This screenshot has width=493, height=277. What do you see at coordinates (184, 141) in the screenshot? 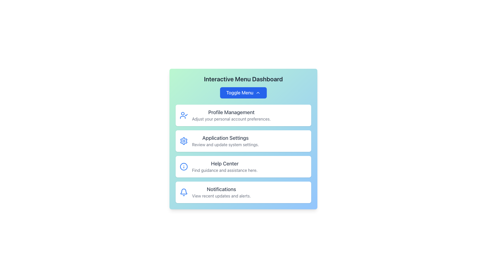
I see `the blue gear icon located at the center-left of the 'Application Settings' card, adjacent to the text 'Review and update system settings.'` at bounding box center [184, 141].